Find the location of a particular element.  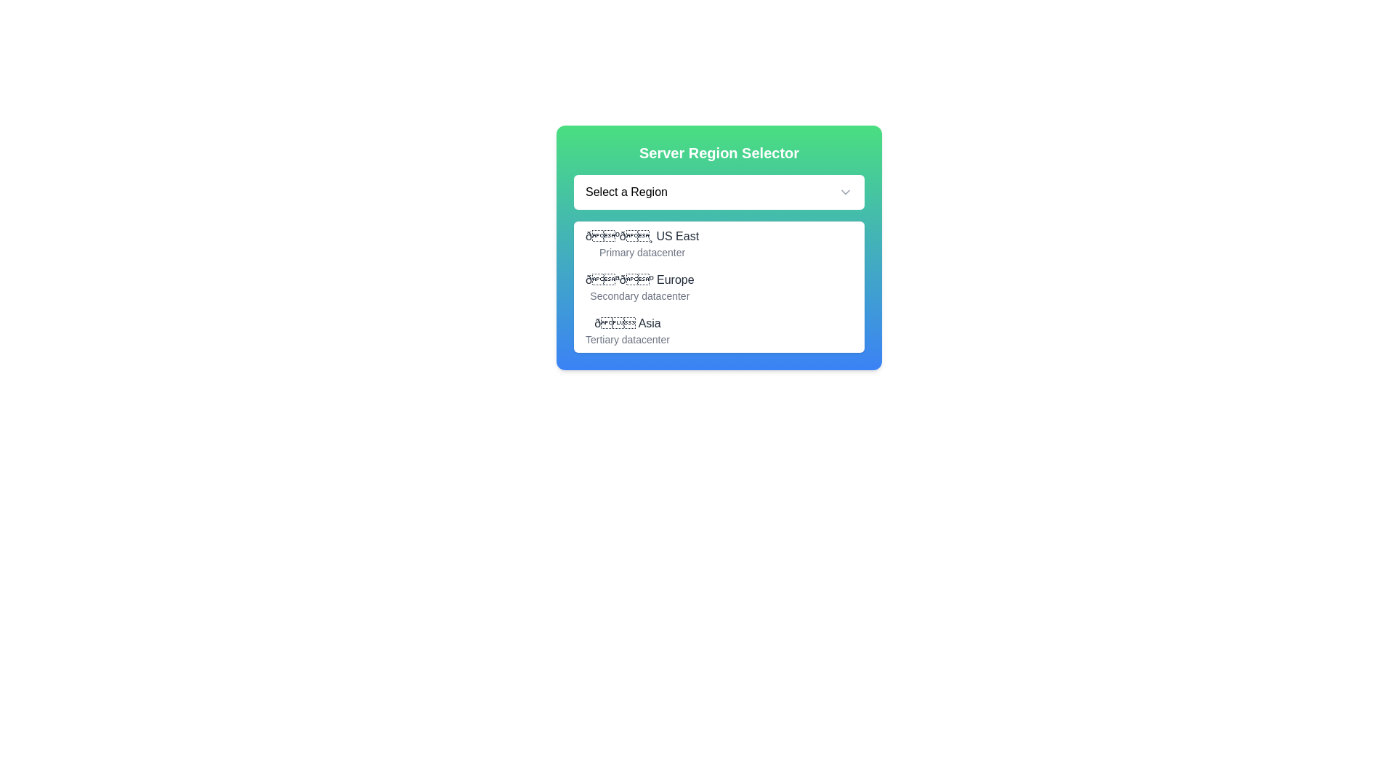

the 'Asia' text label with icon located in the dropdown menu under 'Server Region Selector', which is the first line in the third option group, just above 'Tertiary datacenter' is located at coordinates (628, 323).